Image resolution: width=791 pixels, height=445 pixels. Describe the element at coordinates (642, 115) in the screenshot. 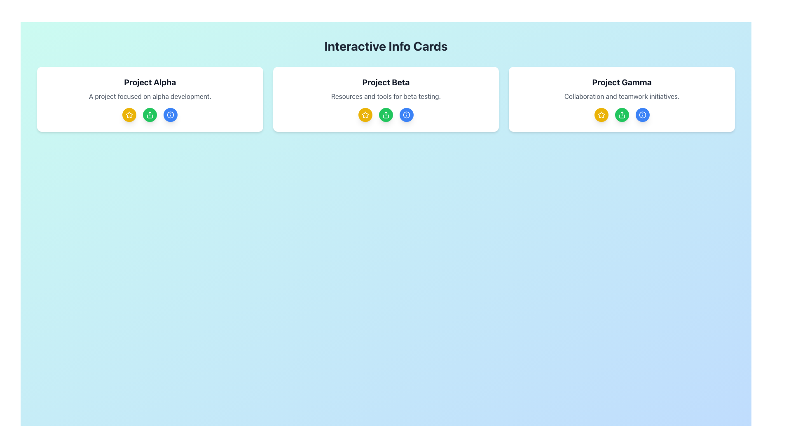

I see `the blue information icon with an 'i' symbol located at the bottom-right corner of the 'Project Gamma' interactive card` at that location.